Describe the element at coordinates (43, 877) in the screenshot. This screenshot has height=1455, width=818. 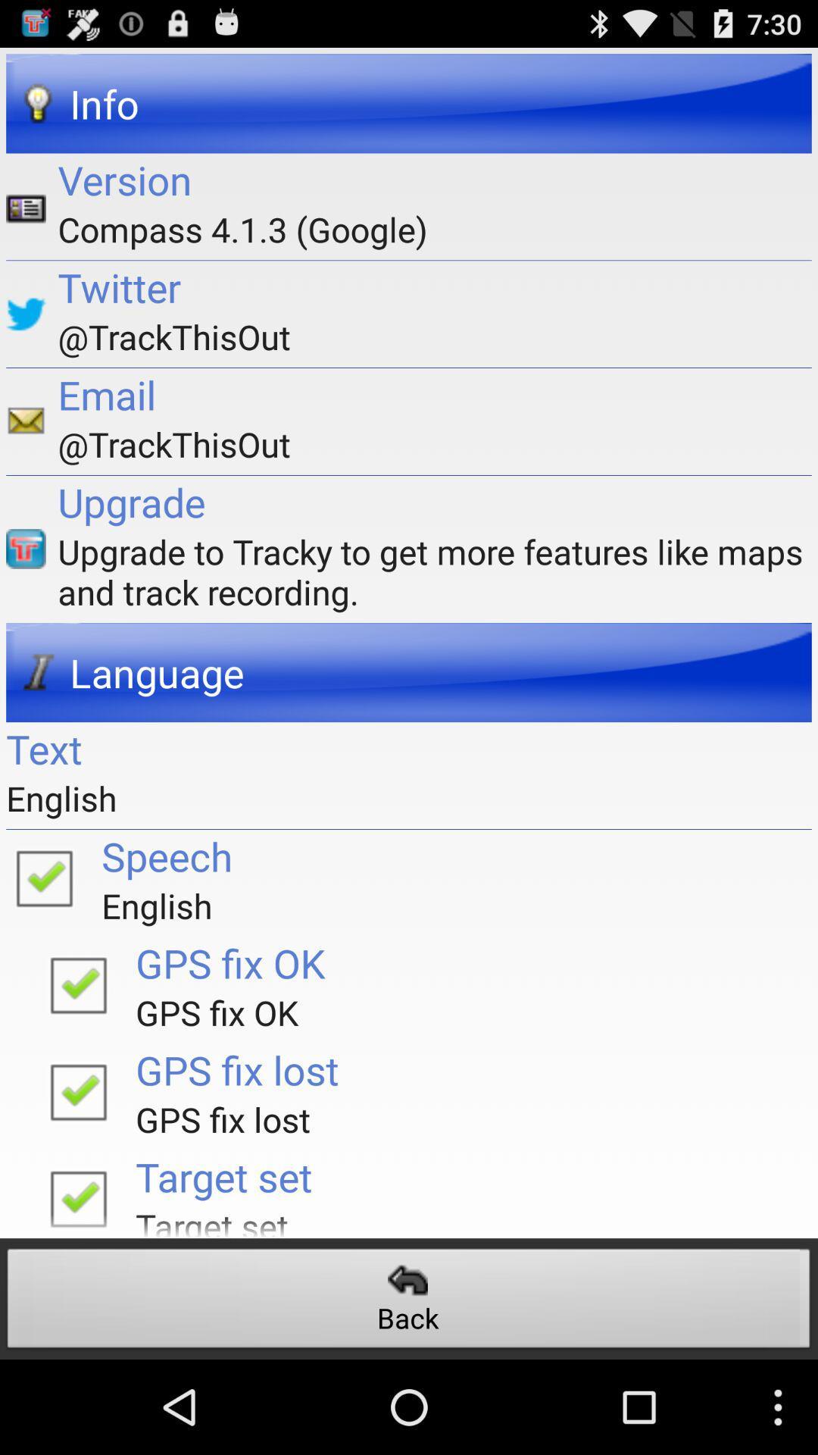
I see `checkbox` at that location.